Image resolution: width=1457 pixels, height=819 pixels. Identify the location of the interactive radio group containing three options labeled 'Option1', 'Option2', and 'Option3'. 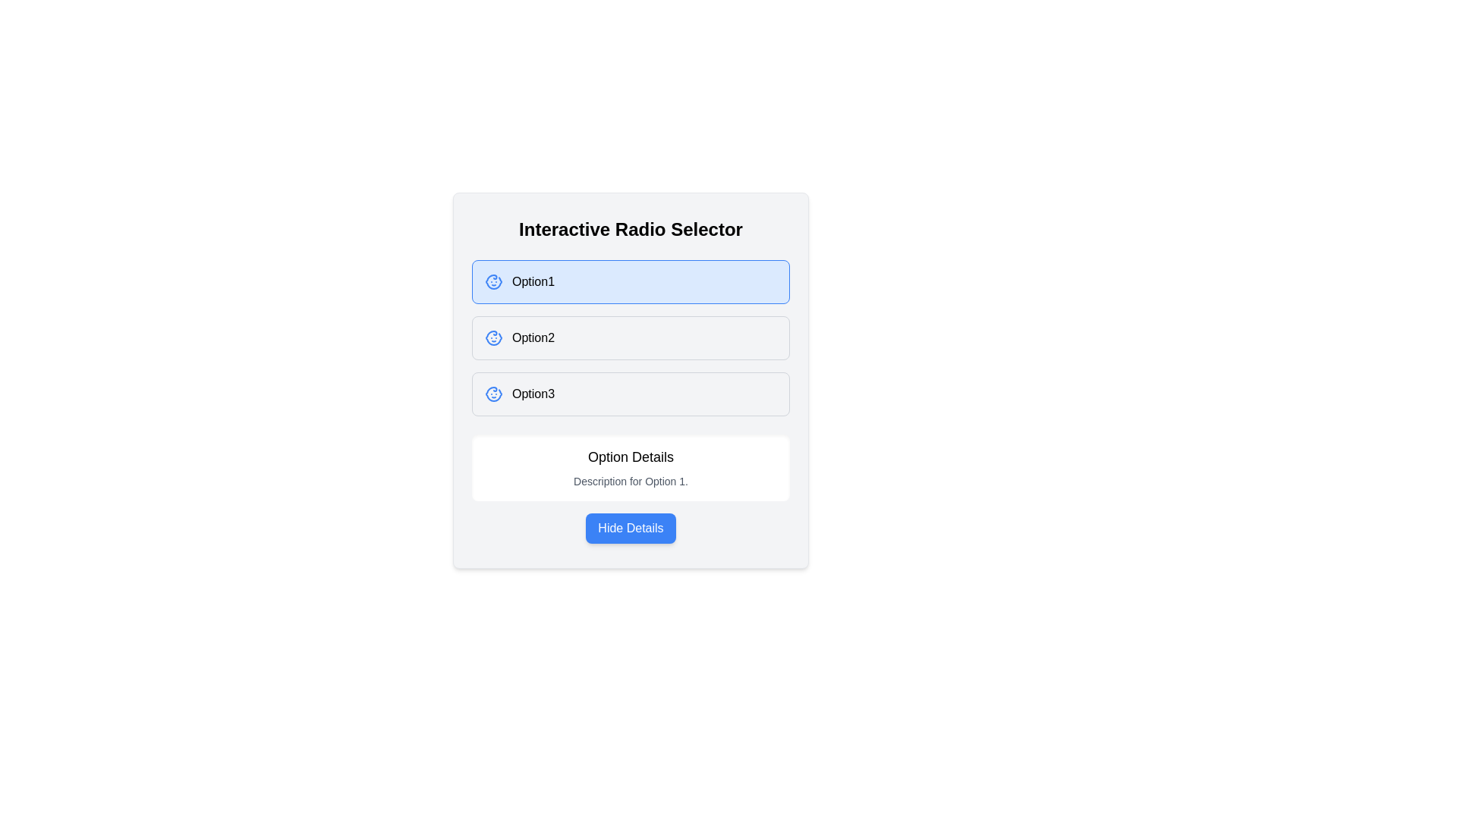
(631, 337).